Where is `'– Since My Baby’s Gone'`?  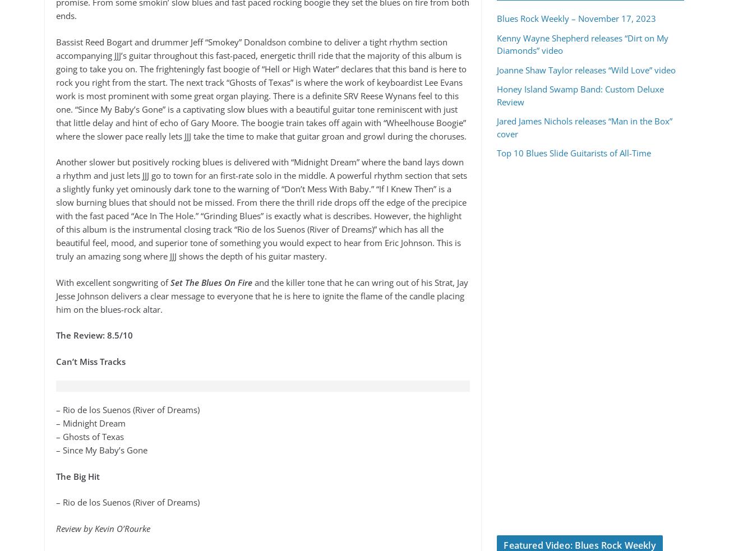 '– Since My Baby’s Gone' is located at coordinates (56, 450).